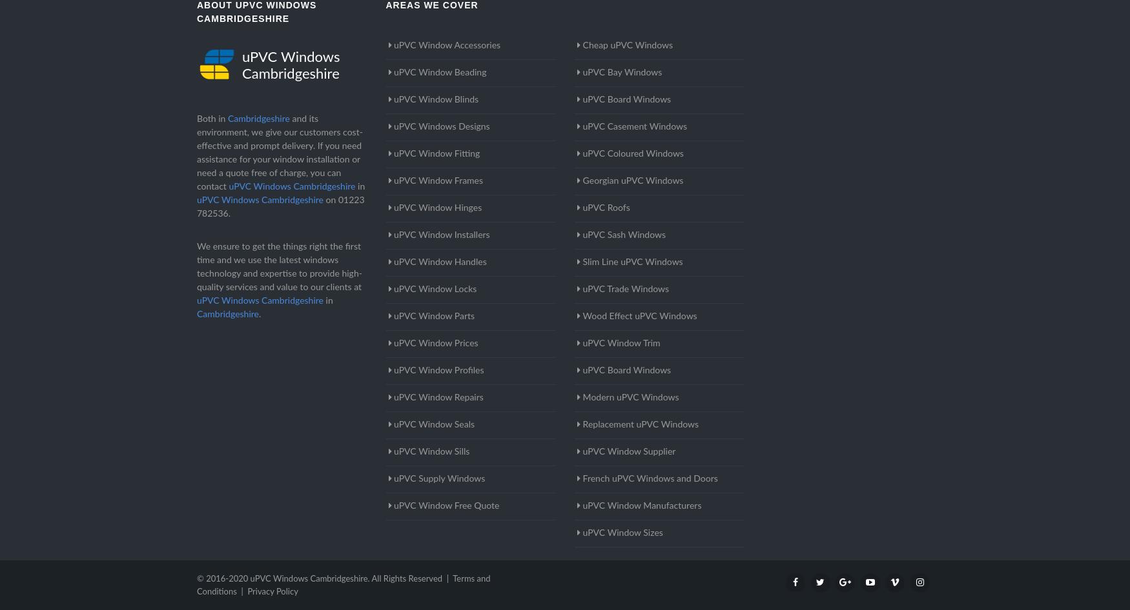 The width and height of the screenshot is (1130, 610). Describe the element at coordinates (236, 591) in the screenshot. I see `'|'` at that location.